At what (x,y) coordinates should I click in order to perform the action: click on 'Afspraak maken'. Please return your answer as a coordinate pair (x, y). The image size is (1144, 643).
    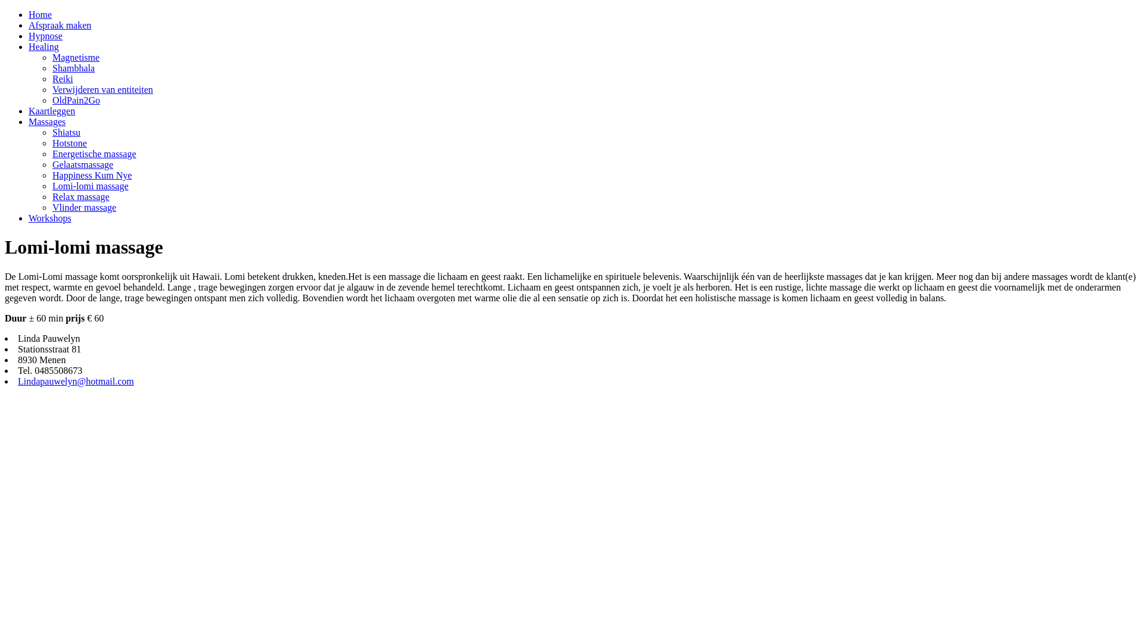
    Looking at the image, I should click on (59, 25).